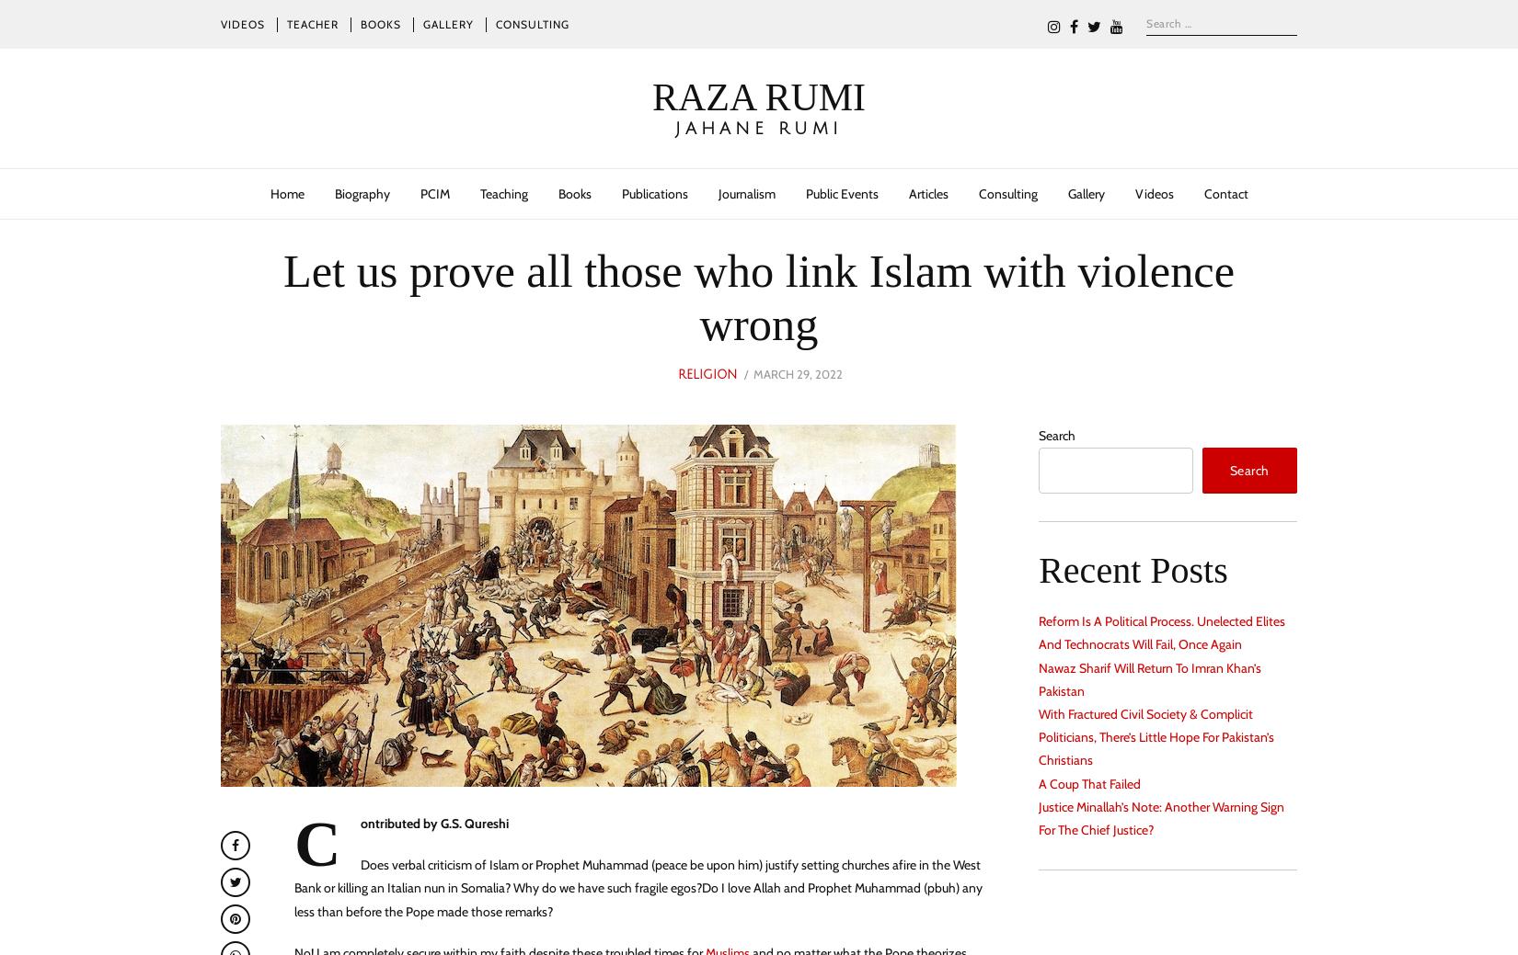 This screenshot has width=1518, height=955. I want to click on 'Contributed by G.S. Qureshi', so click(399, 844).